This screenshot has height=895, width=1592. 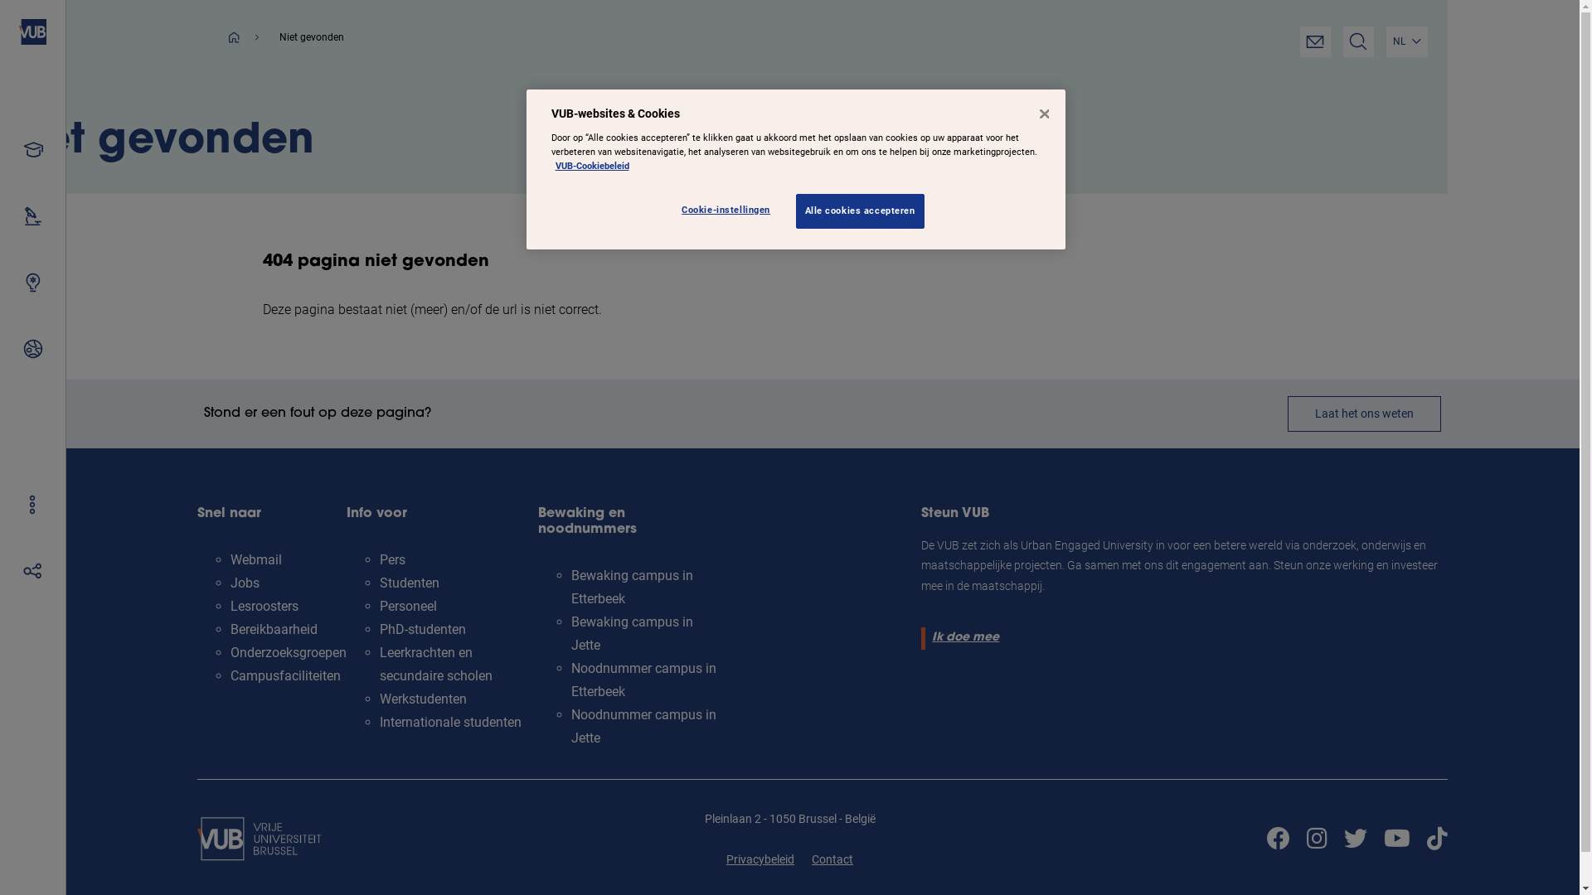 What do you see at coordinates (631, 633) in the screenshot?
I see `'Bewaking campus in Jette'` at bounding box center [631, 633].